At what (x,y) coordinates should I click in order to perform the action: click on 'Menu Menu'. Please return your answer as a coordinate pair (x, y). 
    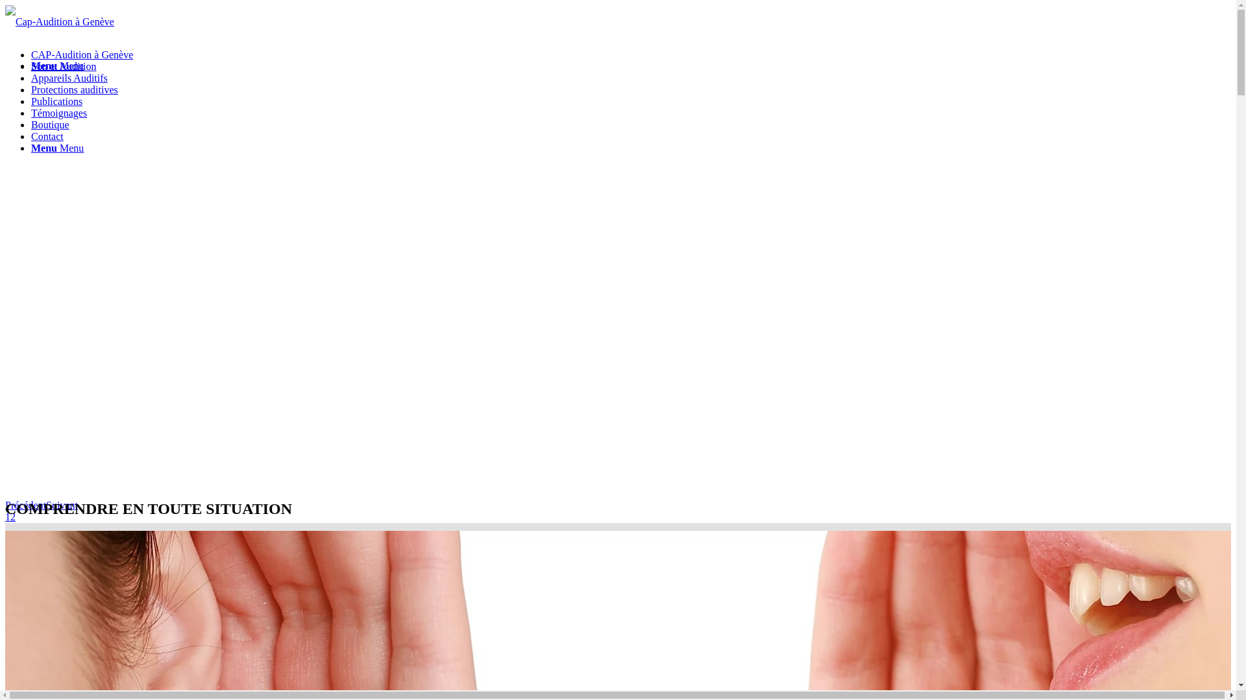
    Looking at the image, I should click on (56, 65).